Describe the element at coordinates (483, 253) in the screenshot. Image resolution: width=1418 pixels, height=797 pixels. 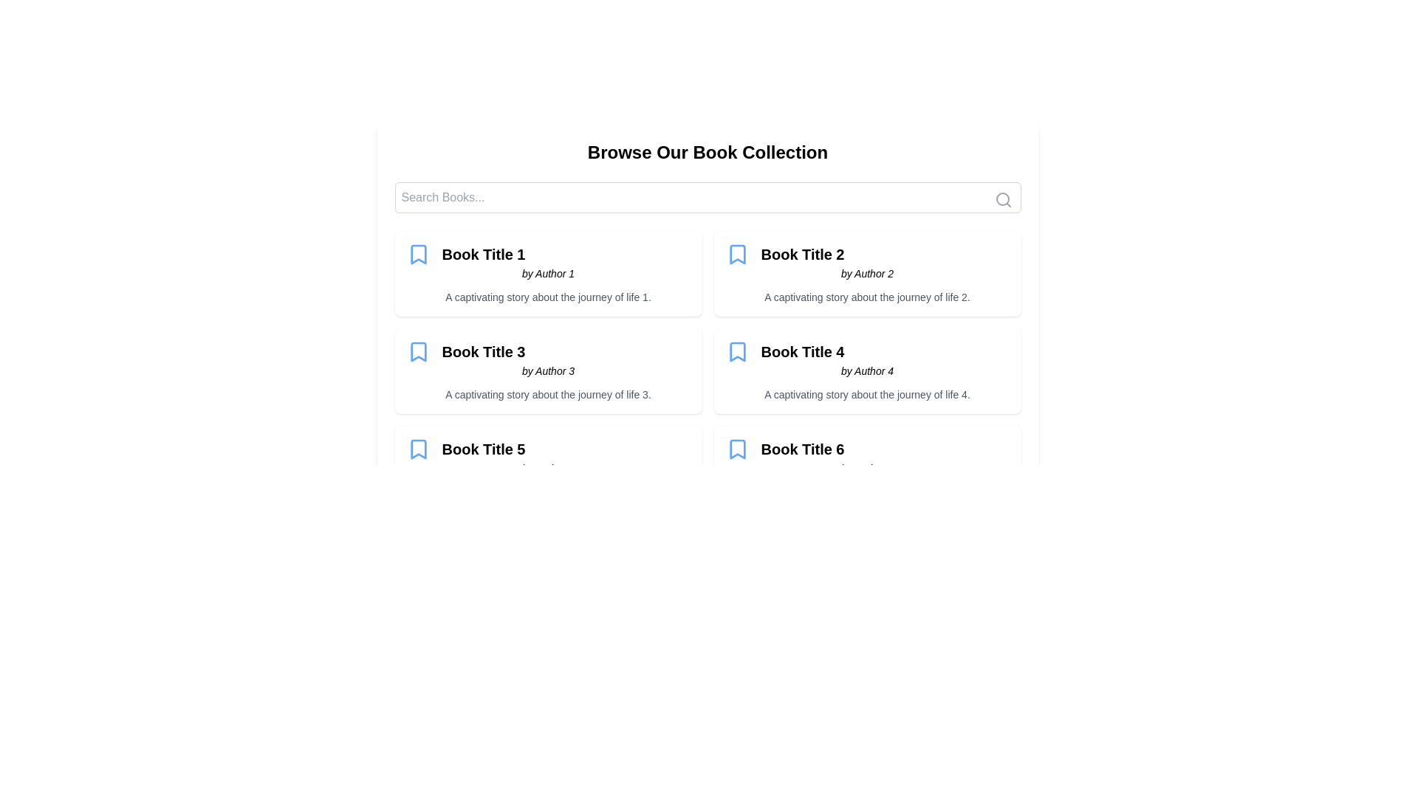
I see `the text label displaying 'Book Title 1', which is prominently styled in bold next to a blue bookmark icon` at that location.